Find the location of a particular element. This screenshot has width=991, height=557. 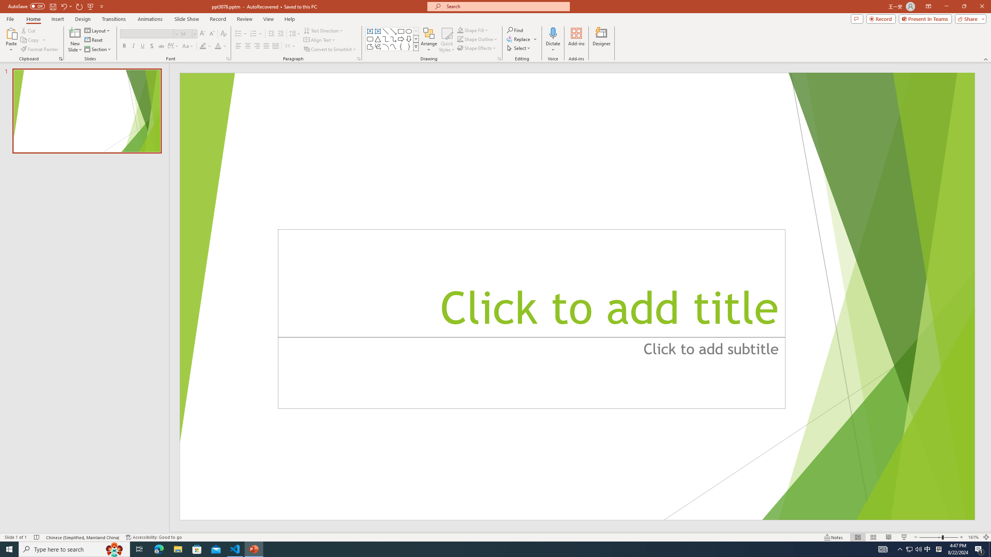

'Shape Effects' is located at coordinates (477, 47).